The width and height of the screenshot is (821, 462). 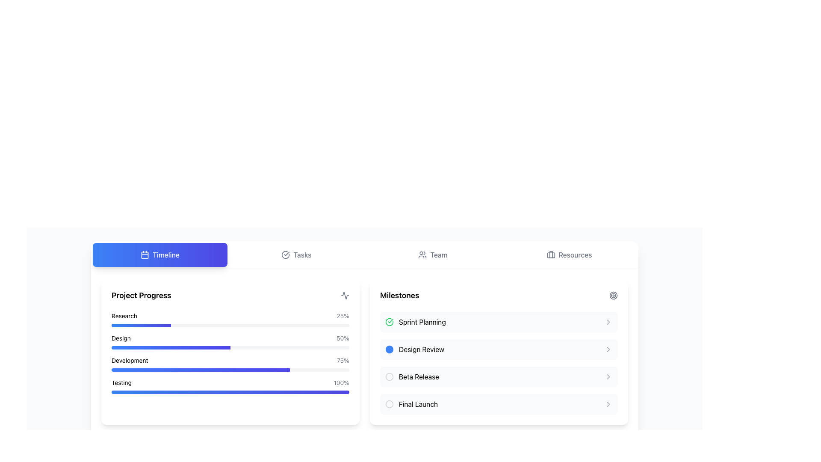 I want to click on displayed text from the Text Label indicating the percentage completion of the development process located in the 'Project Progress' section, next to the visual progress bar, so click(x=343, y=361).